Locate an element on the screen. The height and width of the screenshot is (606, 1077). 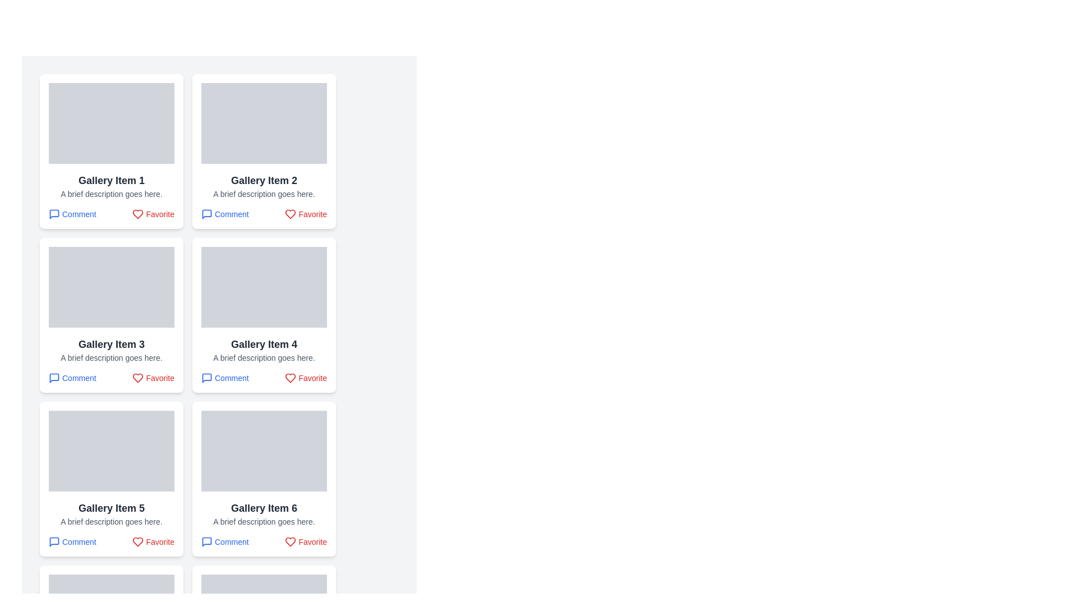
the 'Favorite' icon button located next to the 'Favorite' text in the bottom section of 'Gallery Item 1' is located at coordinates (137, 214).